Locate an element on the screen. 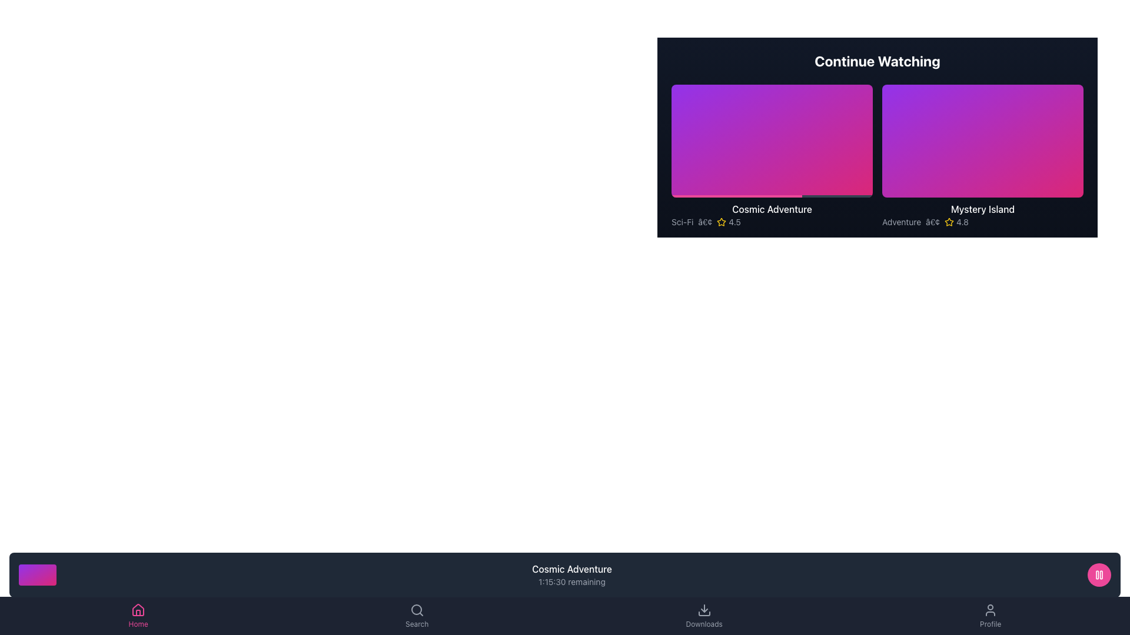 This screenshot has width=1130, height=635. the bottom section of the download icon, which is a rectangular base with a minimalist line style and no visible fill, located in the bottom navigation bar of the interface is located at coordinates (704, 613).